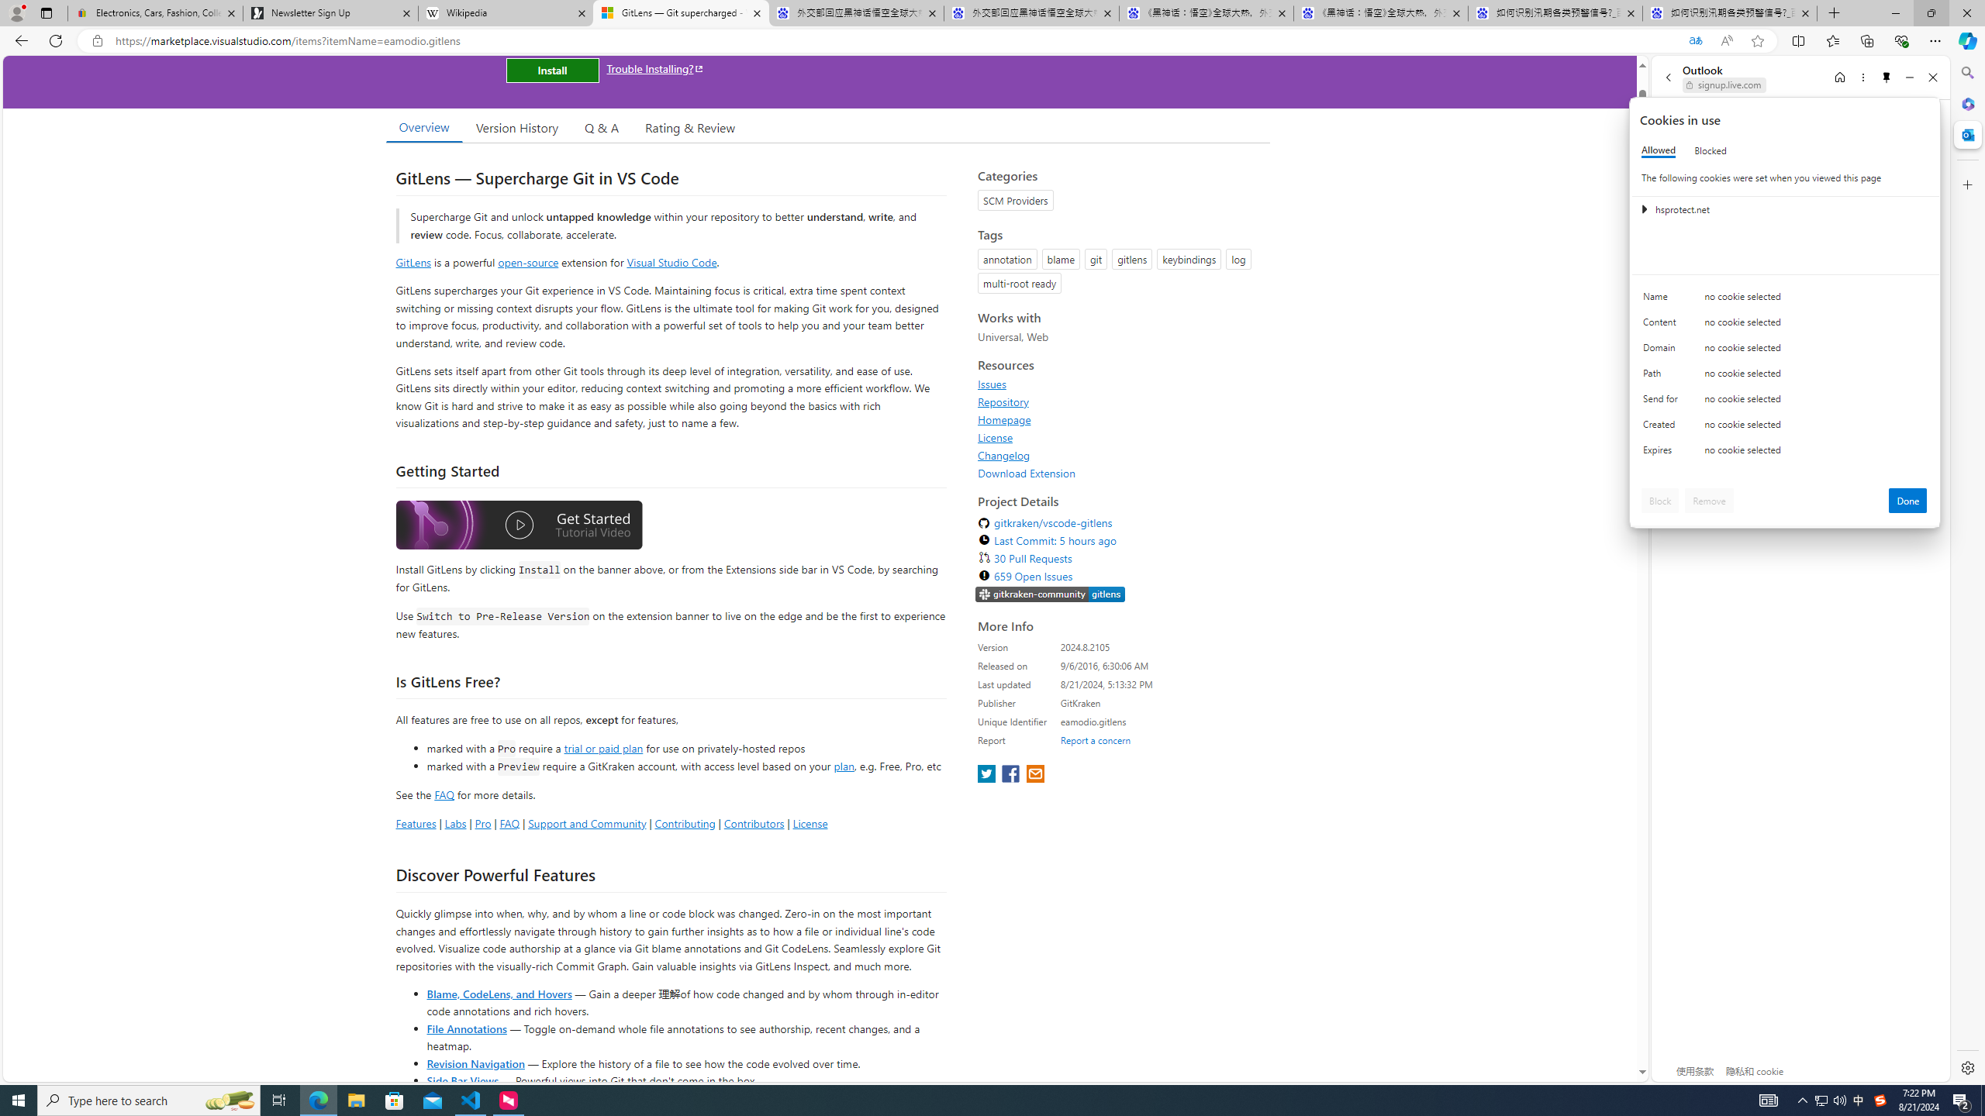 Image resolution: width=1985 pixels, height=1116 pixels. I want to click on 'Block', so click(1659, 501).